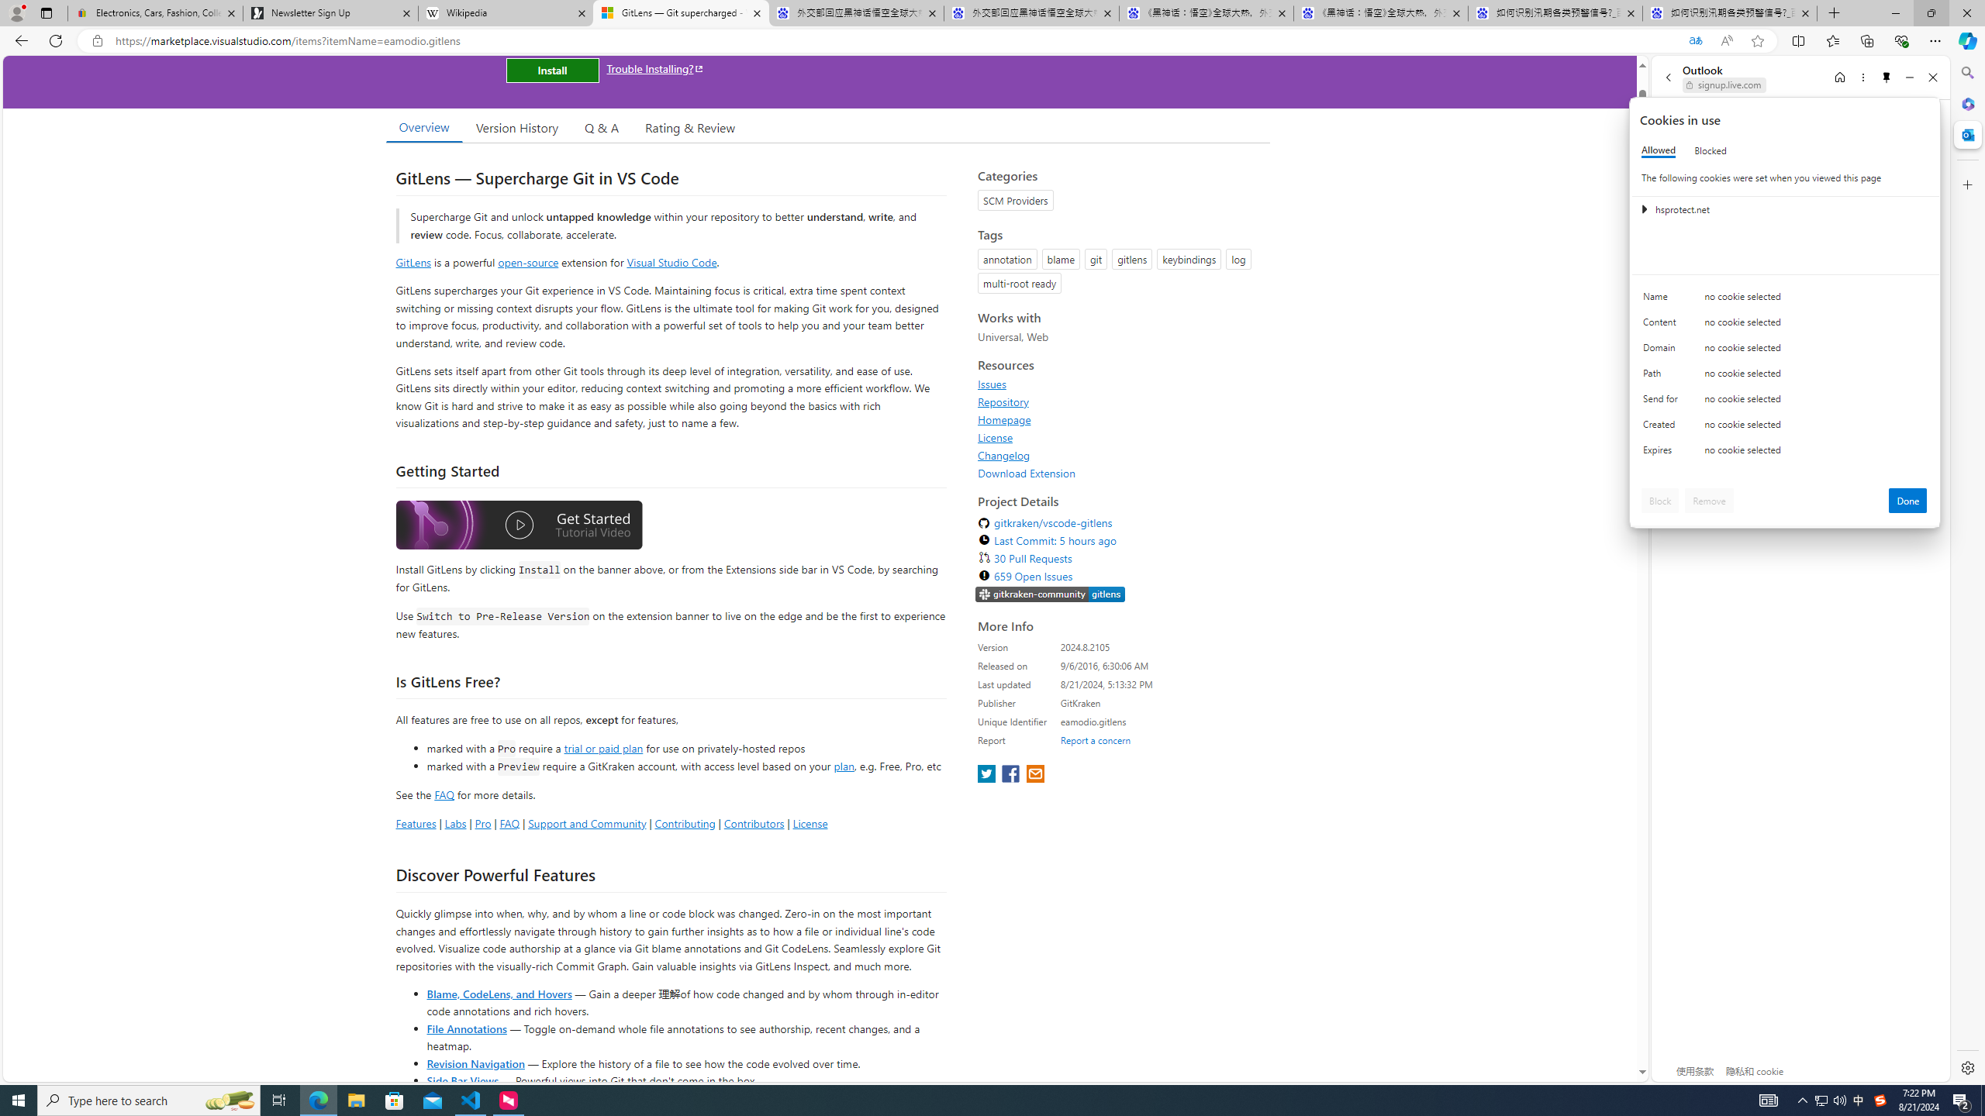 Image resolution: width=1985 pixels, height=1116 pixels. I want to click on 'Block', so click(1659, 501).